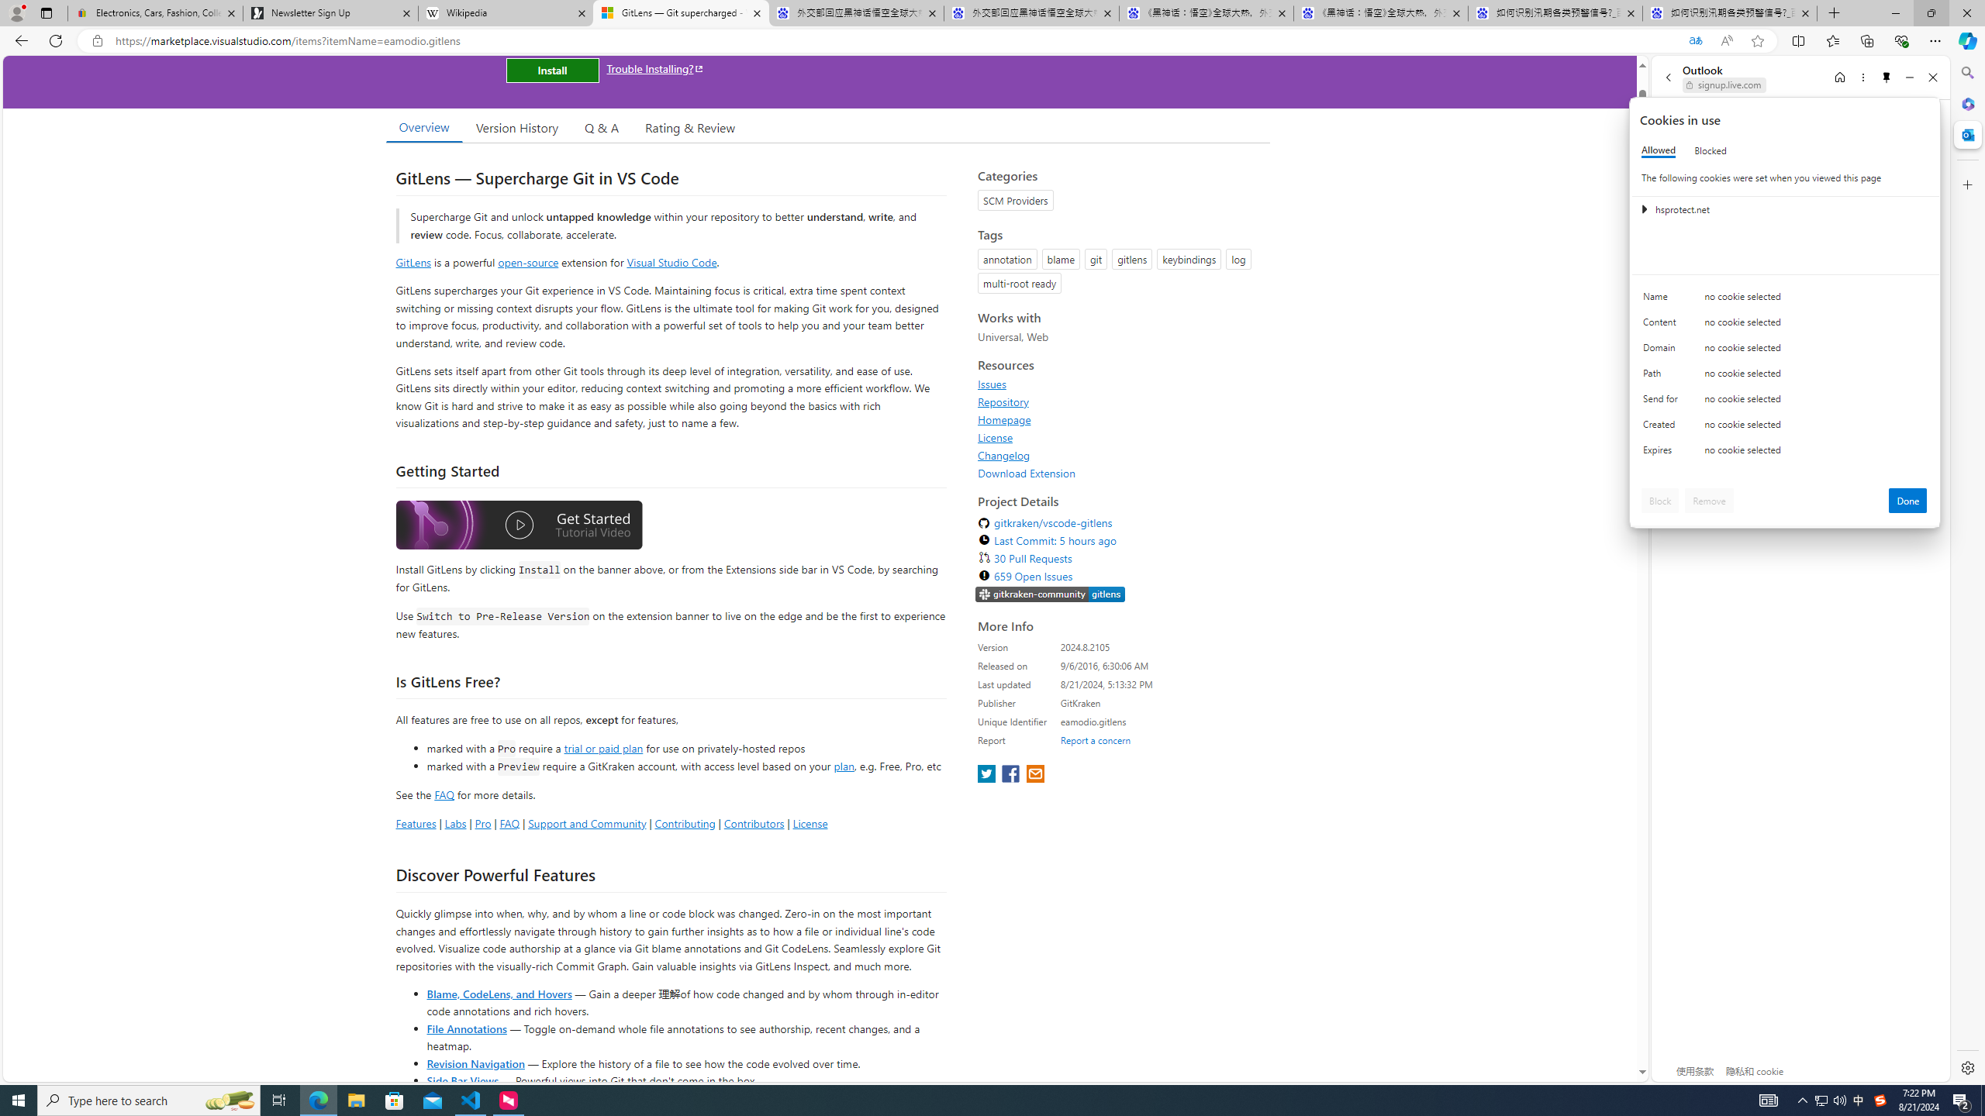 Image resolution: width=1985 pixels, height=1116 pixels. I want to click on 'Block', so click(1659, 501).